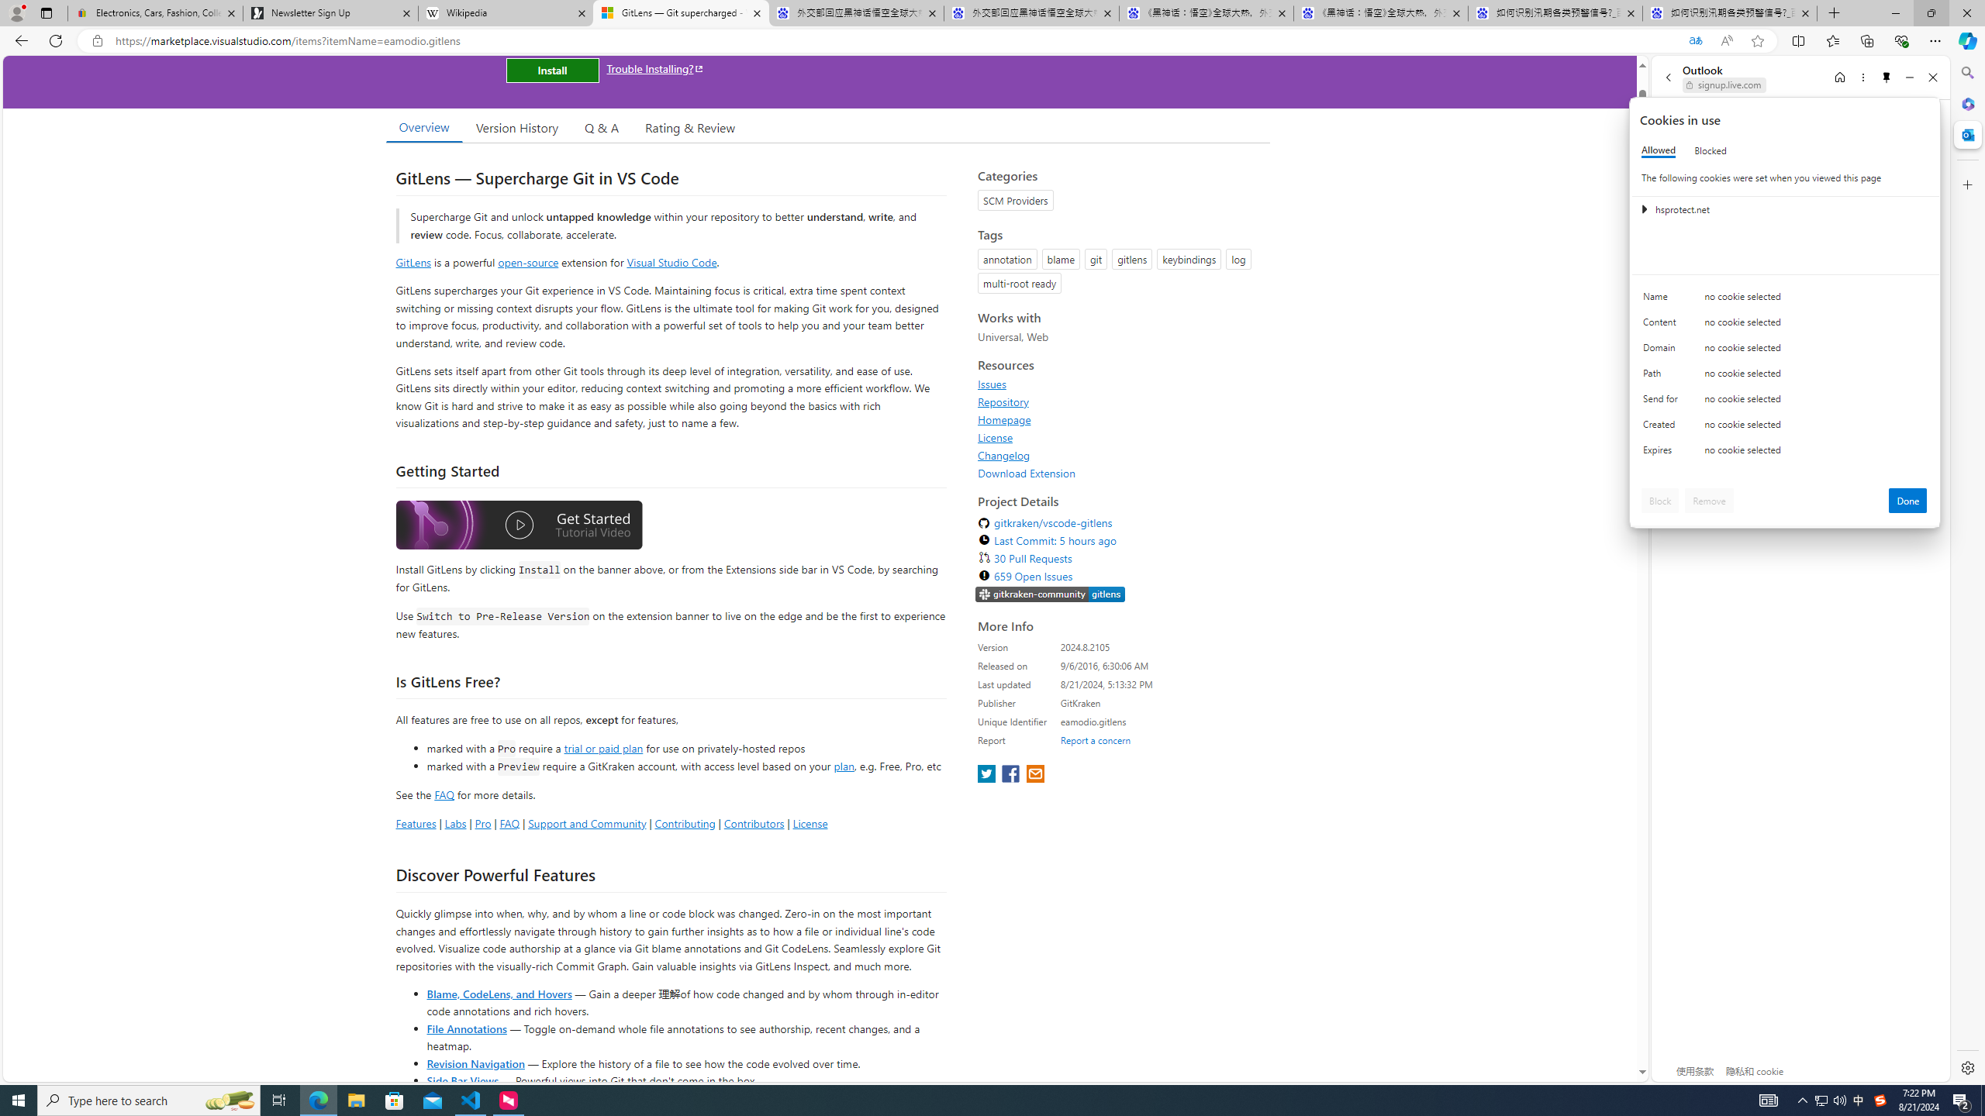 Image resolution: width=1985 pixels, height=1116 pixels. I want to click on 'Block', so click(1659, 501).